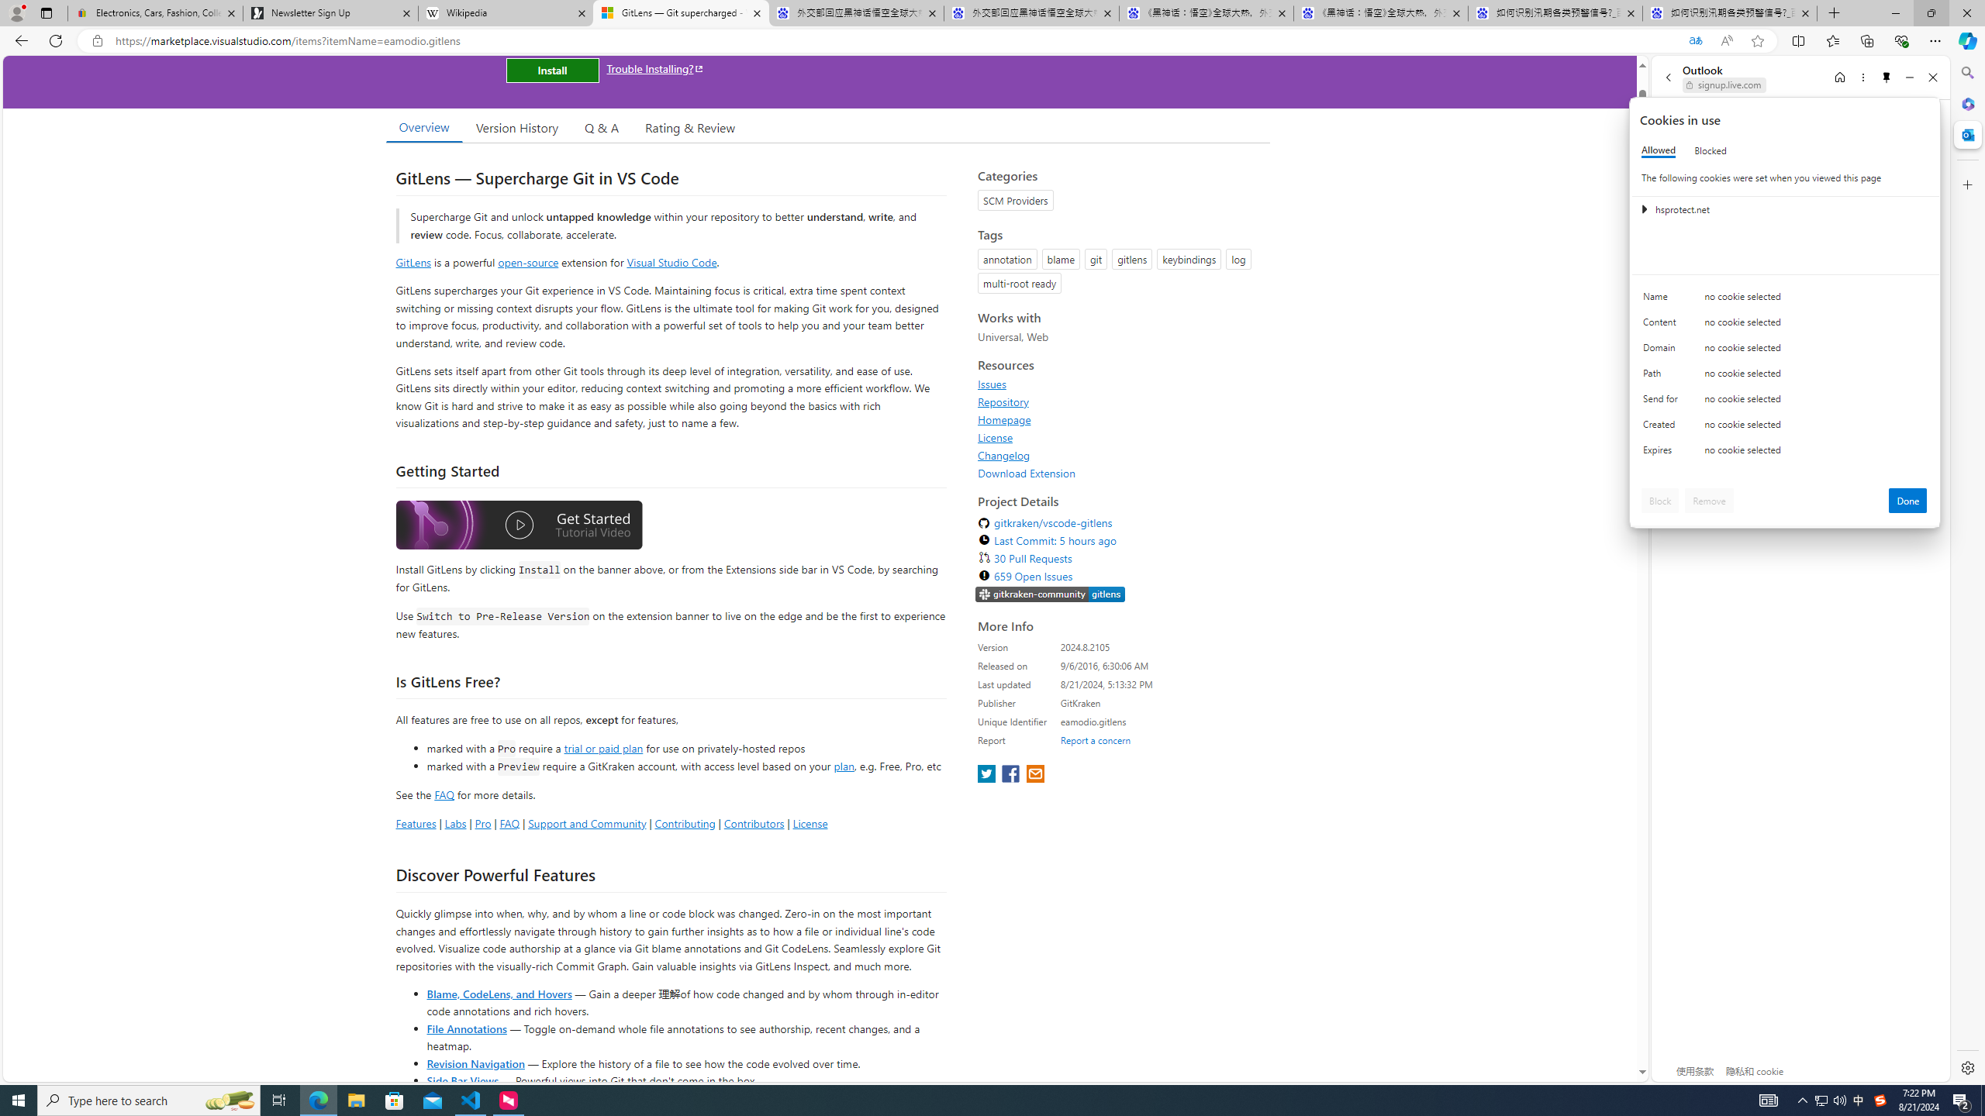 Image resolution: width=1985 pixels, height=1116 pixels. I want to click on 'Block', so click(1659, 501).